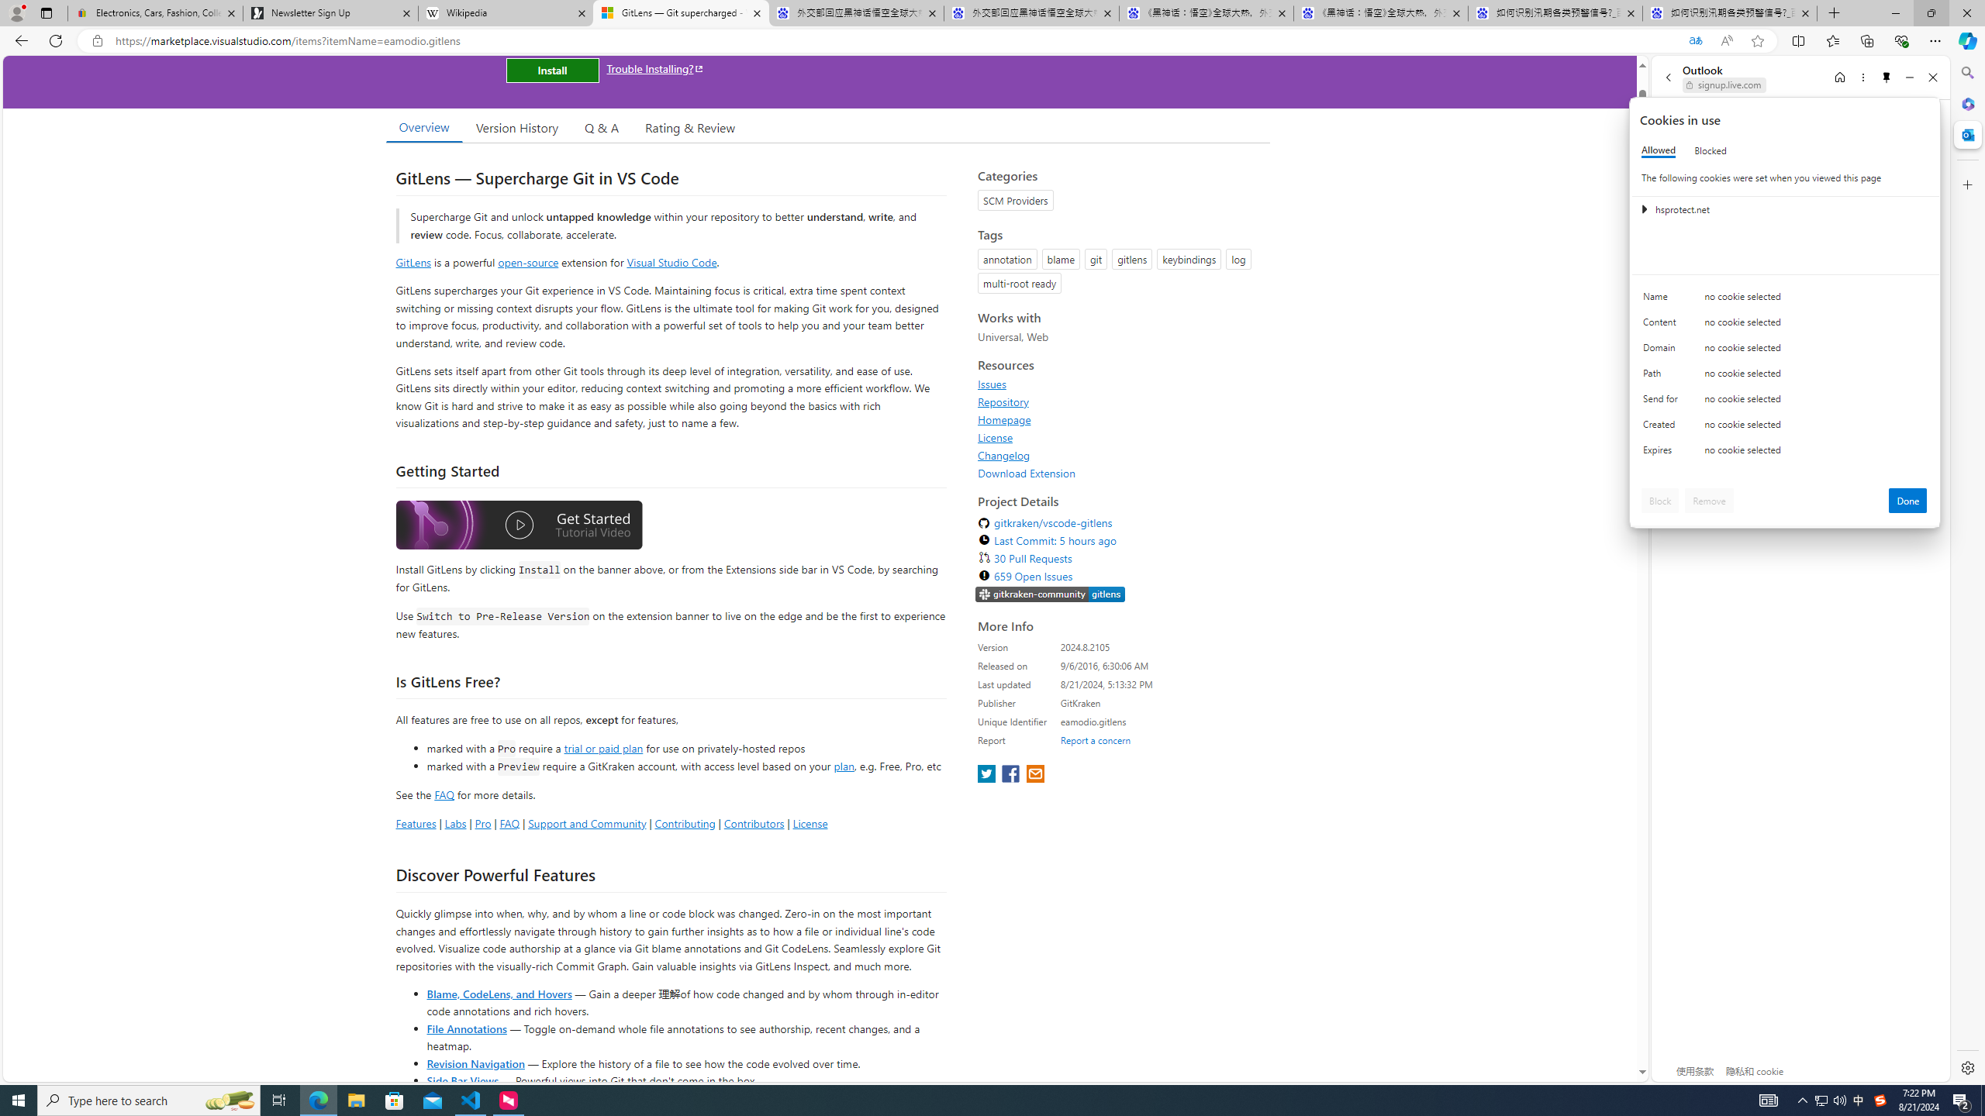 Image resolution: width=1985 pixels, height=1116 pixels. I want to click on 'Block', so click(1659, 501).